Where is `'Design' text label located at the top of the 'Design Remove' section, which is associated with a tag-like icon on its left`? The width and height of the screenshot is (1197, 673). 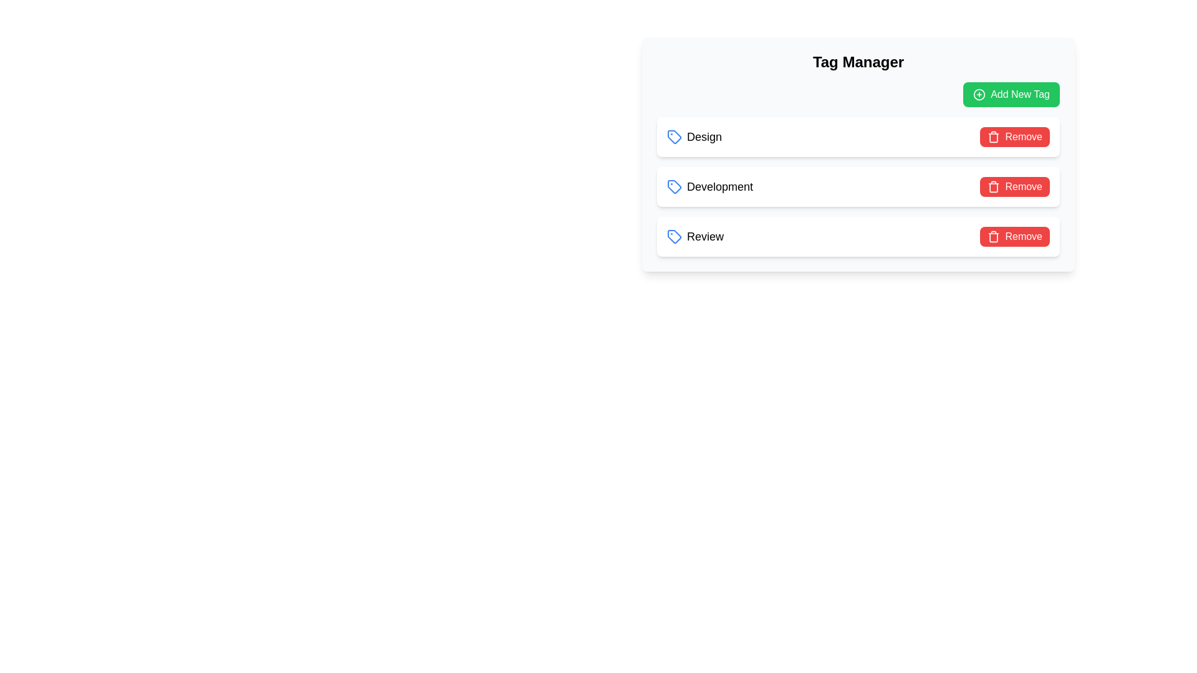 'Design' text label located at the top of the 'Design Remove' section, which is associated with a tag-like icon on its left is located at coordinates (693, 136).